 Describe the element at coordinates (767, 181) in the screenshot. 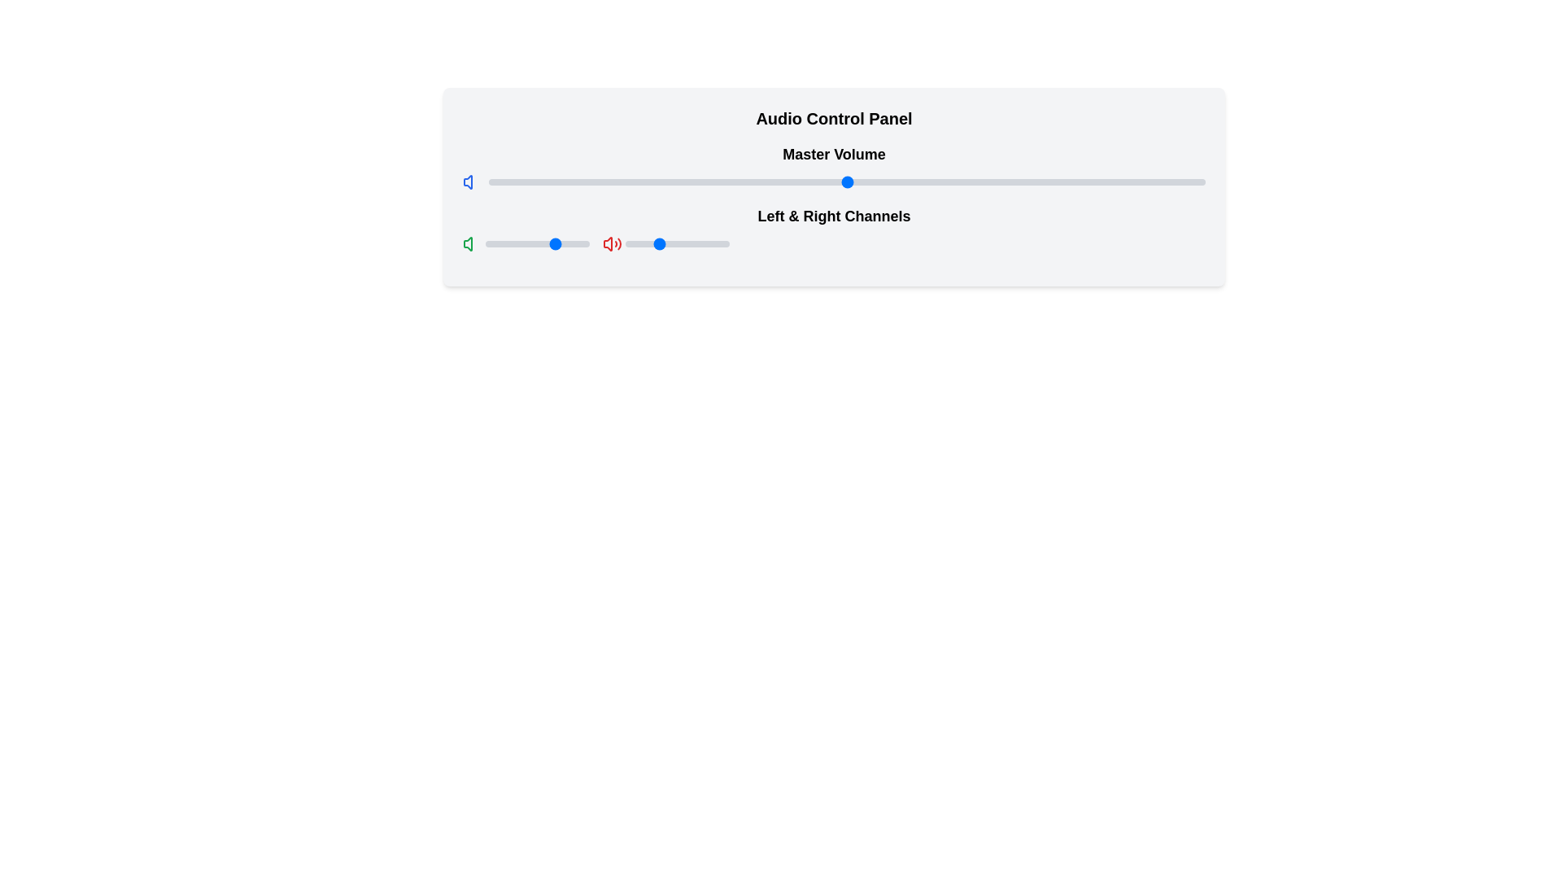

I see `the master volume` at that location.